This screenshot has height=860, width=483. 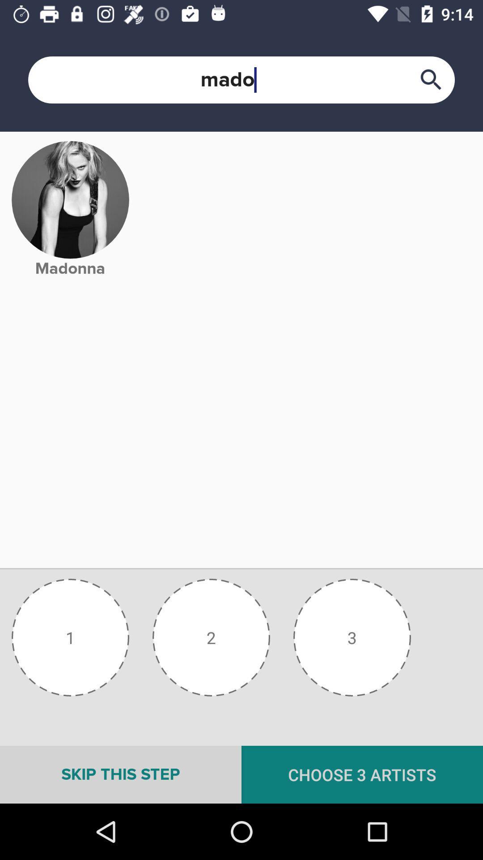 I want to click on the first circle image, so click(x=70, y=637).